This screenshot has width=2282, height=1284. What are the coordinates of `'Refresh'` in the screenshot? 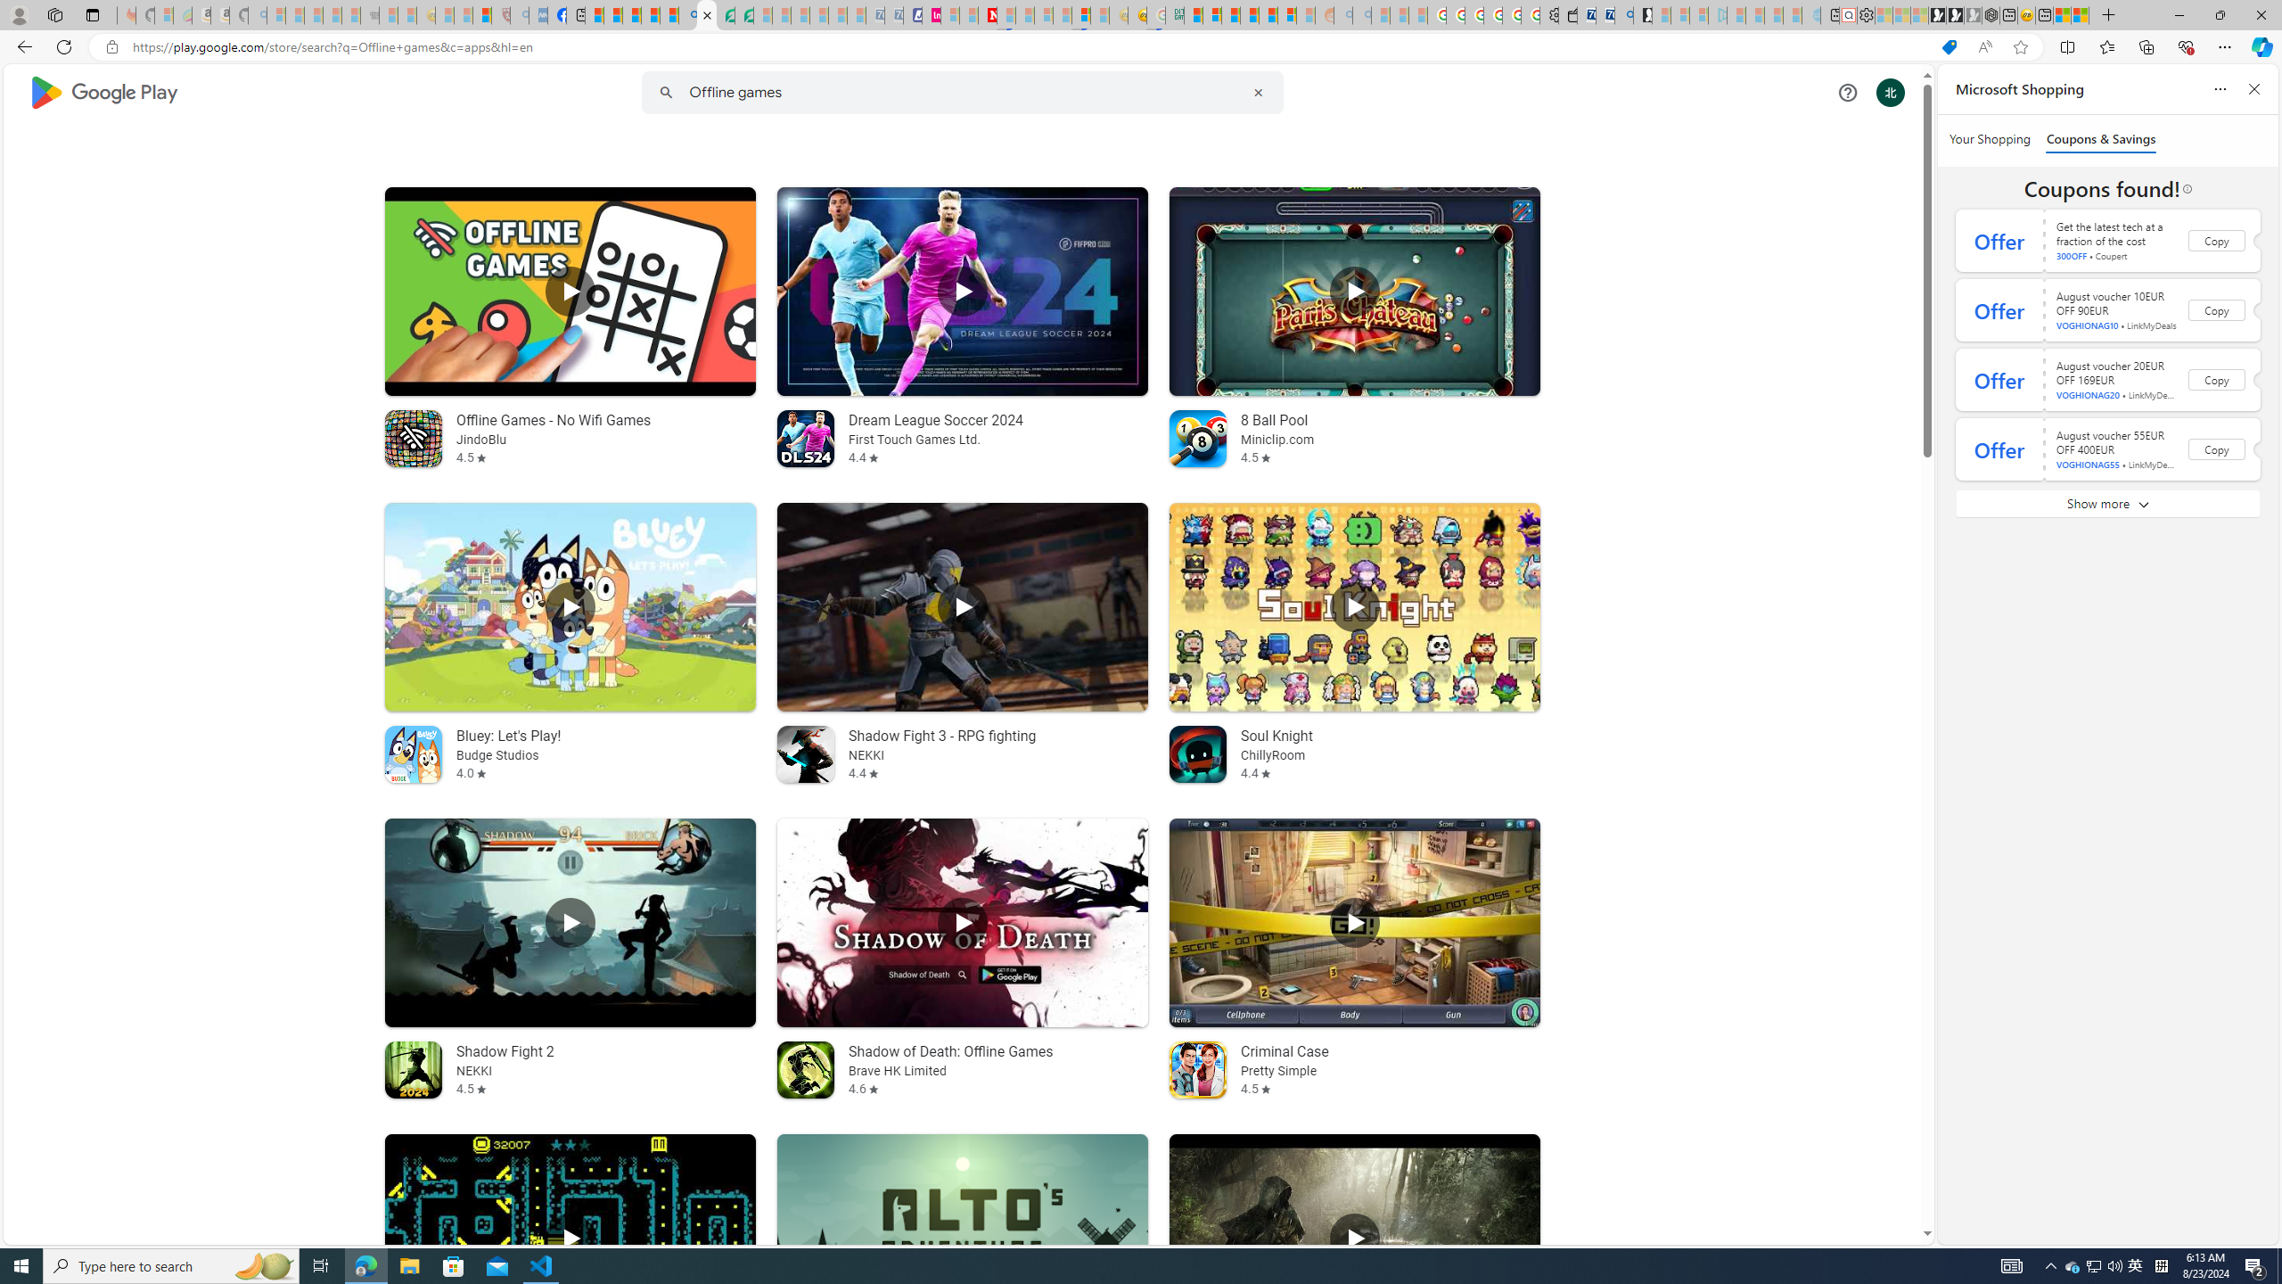 It's located at (62, 45).